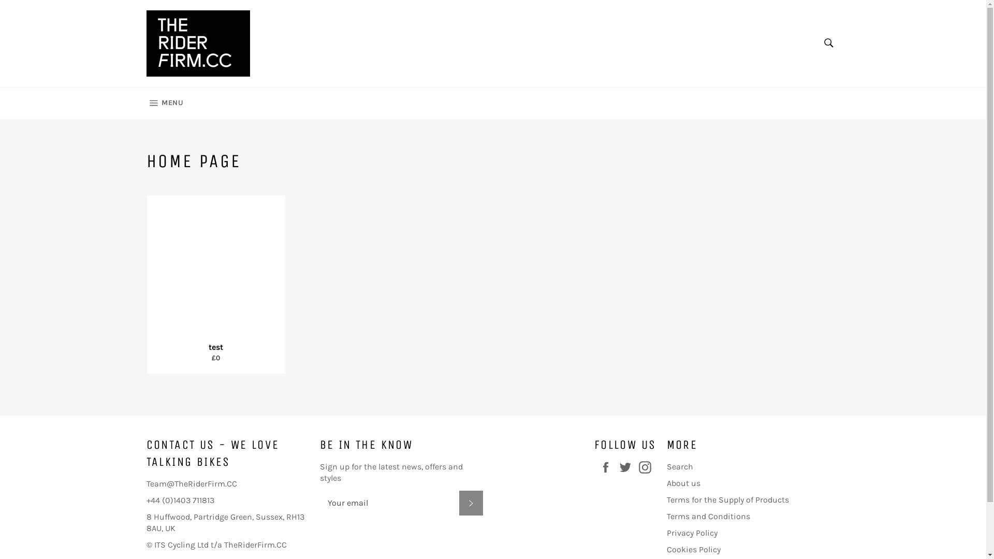 Image resolution: width=994 pixels, height=559 pixels. What do you see at coordinates (647, 467) in the screenshot?
I see `'Instagram'` at bounding box center [647, 467].